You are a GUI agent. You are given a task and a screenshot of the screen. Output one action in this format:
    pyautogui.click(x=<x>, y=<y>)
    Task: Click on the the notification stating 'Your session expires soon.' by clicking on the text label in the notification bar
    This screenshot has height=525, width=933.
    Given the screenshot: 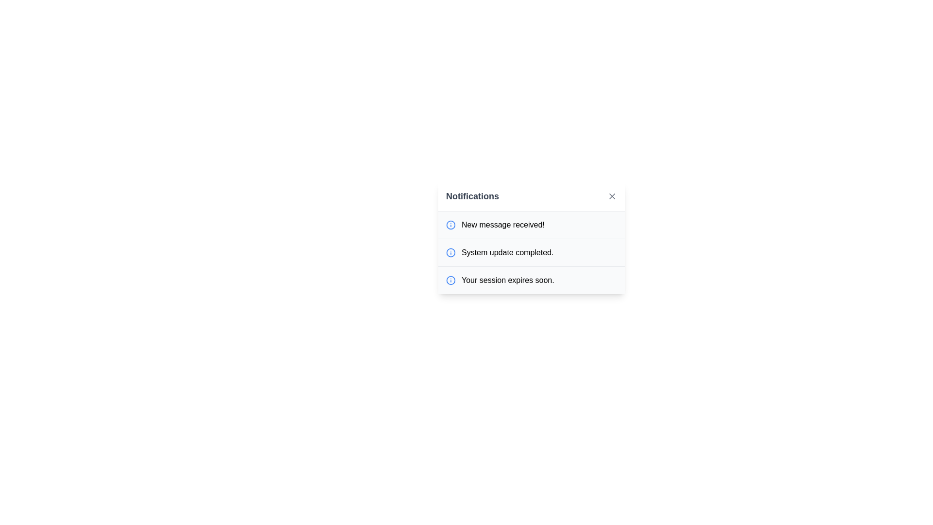 What is the action you would take?
    pyautogui.click(x=500, y=280)
    